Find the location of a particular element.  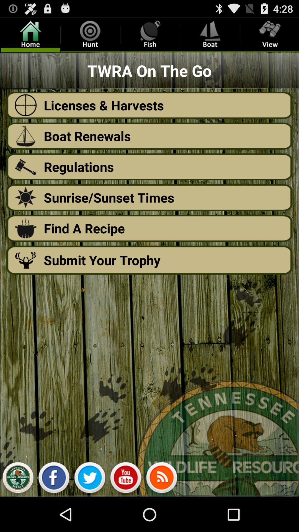

the twitter icon is located at coordinates (89, 512).